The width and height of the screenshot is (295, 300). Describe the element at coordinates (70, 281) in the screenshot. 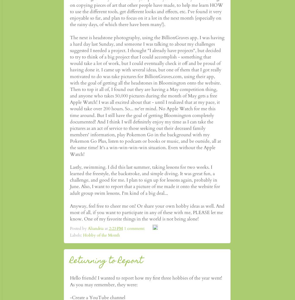

I see `'Hello friends! I wanted to report how my first three hobbies of the year went! As you may remember, they were:'` at that location.